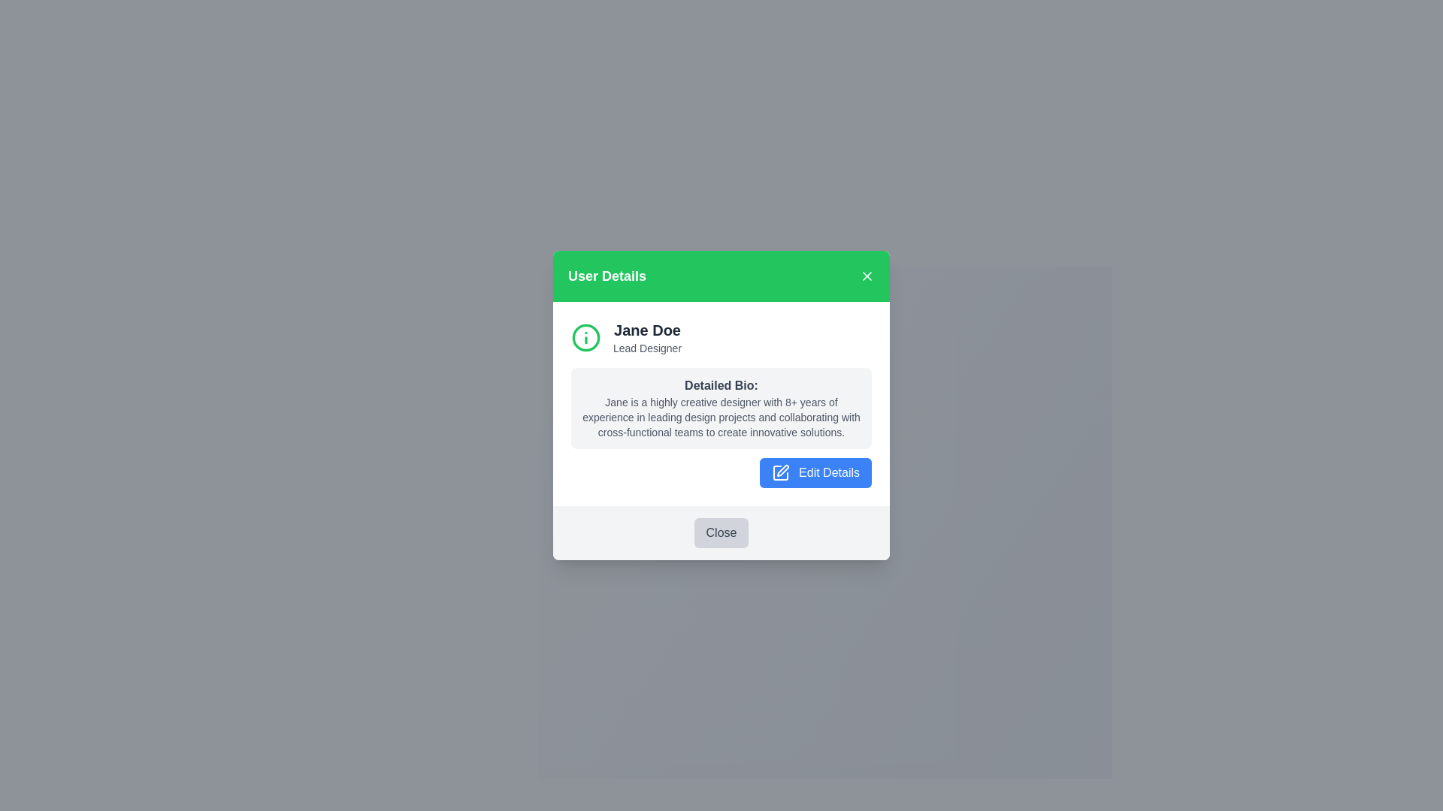 This screenshot has width=1443, height=811. I want to click on the bold gray text label 'Detailed Bio:' that serves as the primary label for the user's detailed biography section, so click(721, 384).